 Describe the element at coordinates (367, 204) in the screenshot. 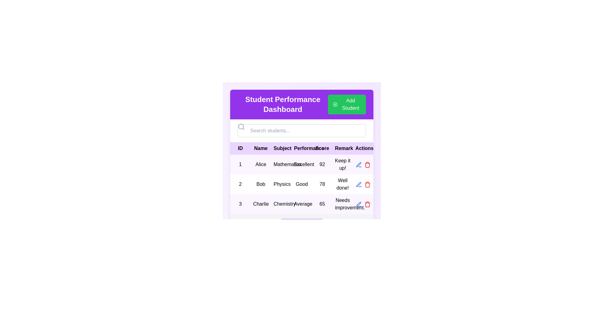

I see `the trash can icon button in the 'Actions' column of the third row` at that location.